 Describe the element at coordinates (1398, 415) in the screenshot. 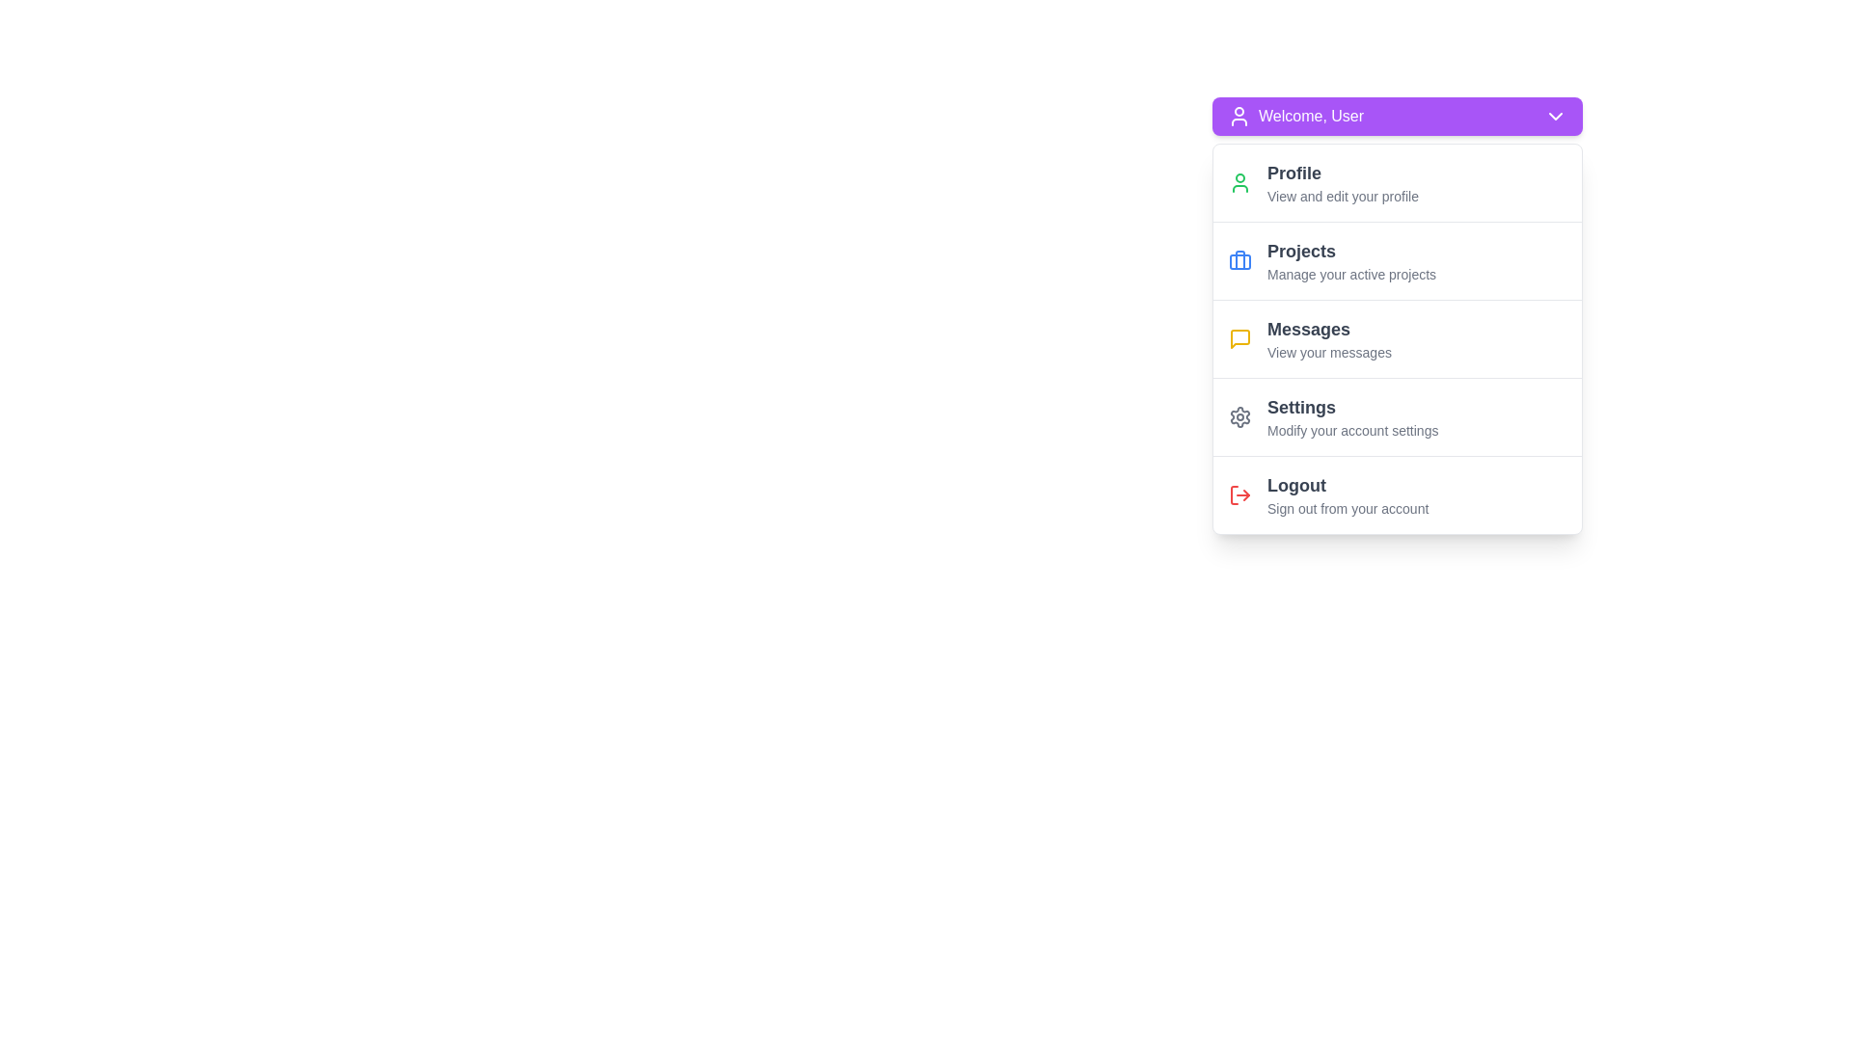

I see `the 'Settings' button, which features a gear icon and is the fourth item in the vertical navigation list` at that location.